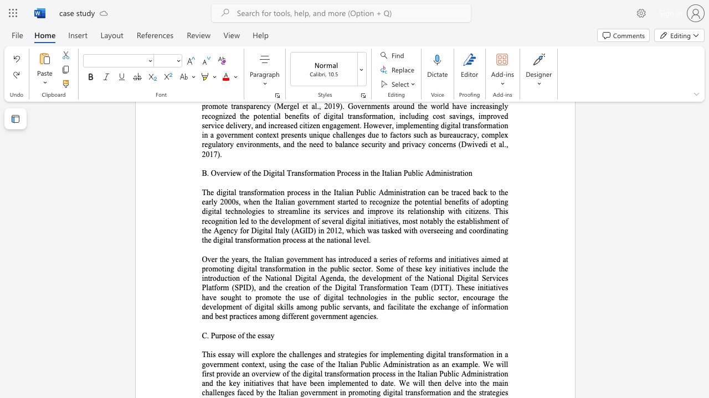 The width and height of the screenshot is (709, 398). I want to click on the 1th character "y" in the text, so click(273, 335).